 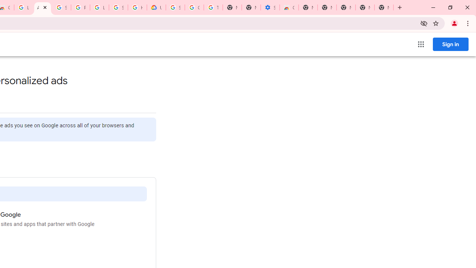 I want to click on 'Turn cookies on or off - Computer - Google Account Help', so click(x=213, y=7).